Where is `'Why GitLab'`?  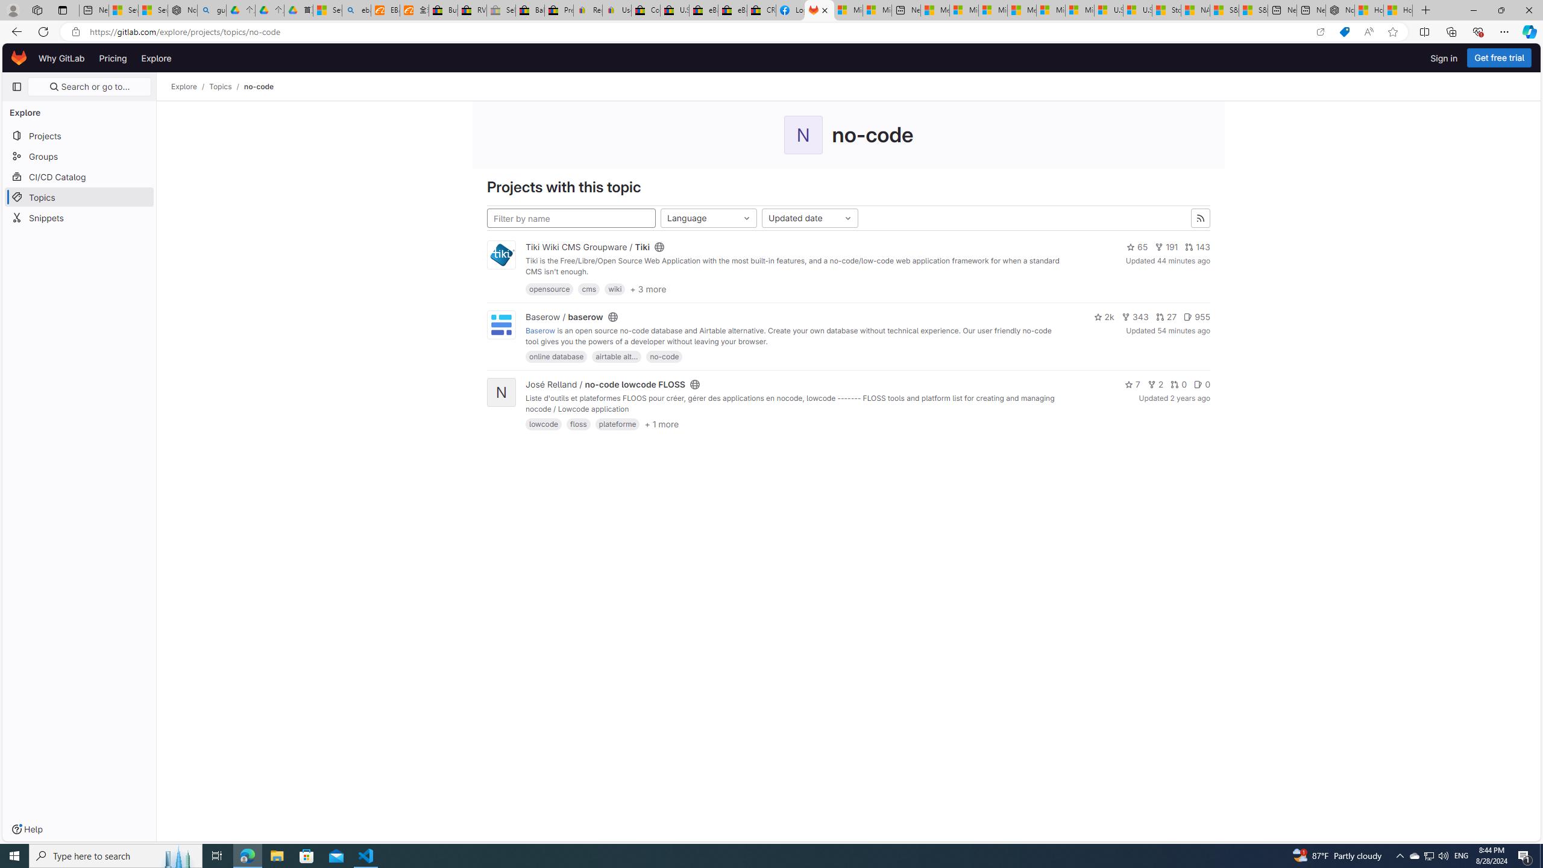 'Why GitLab' is located at coordinates (61, 57).